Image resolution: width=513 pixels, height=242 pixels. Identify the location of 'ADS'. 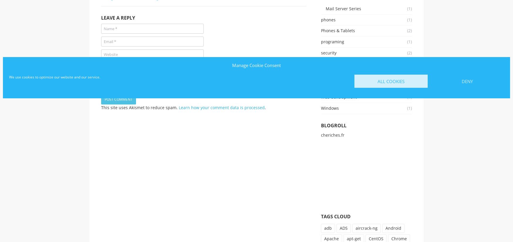
(339, 228).